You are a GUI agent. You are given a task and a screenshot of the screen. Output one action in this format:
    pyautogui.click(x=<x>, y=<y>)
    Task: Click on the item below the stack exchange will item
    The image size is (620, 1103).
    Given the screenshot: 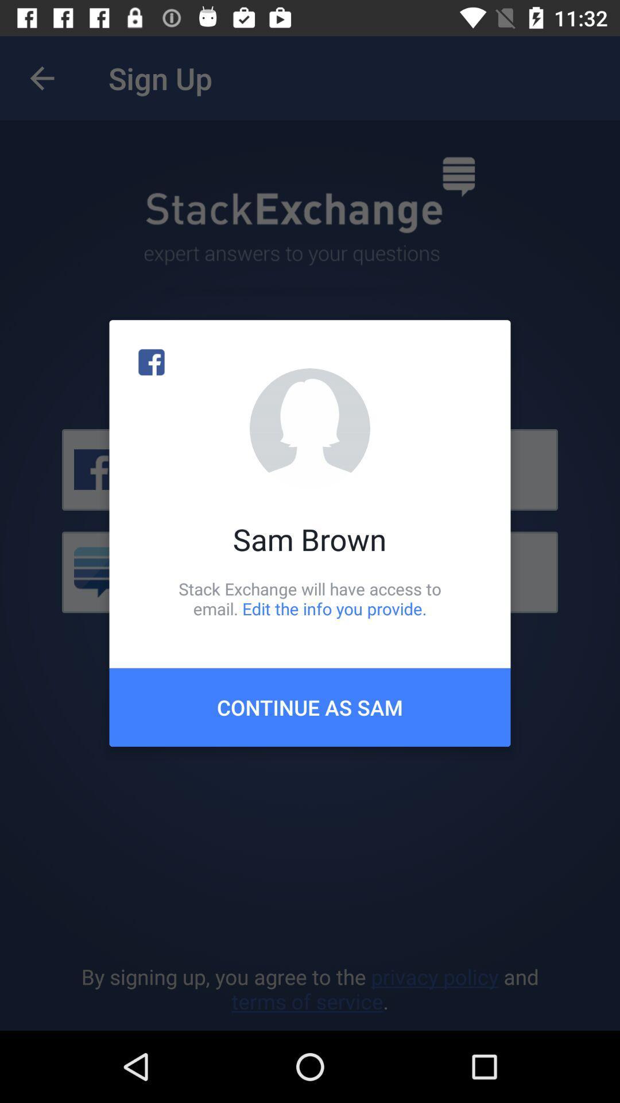 What is the action you would take?
    pyautogui.click(x=310, y=707)
    